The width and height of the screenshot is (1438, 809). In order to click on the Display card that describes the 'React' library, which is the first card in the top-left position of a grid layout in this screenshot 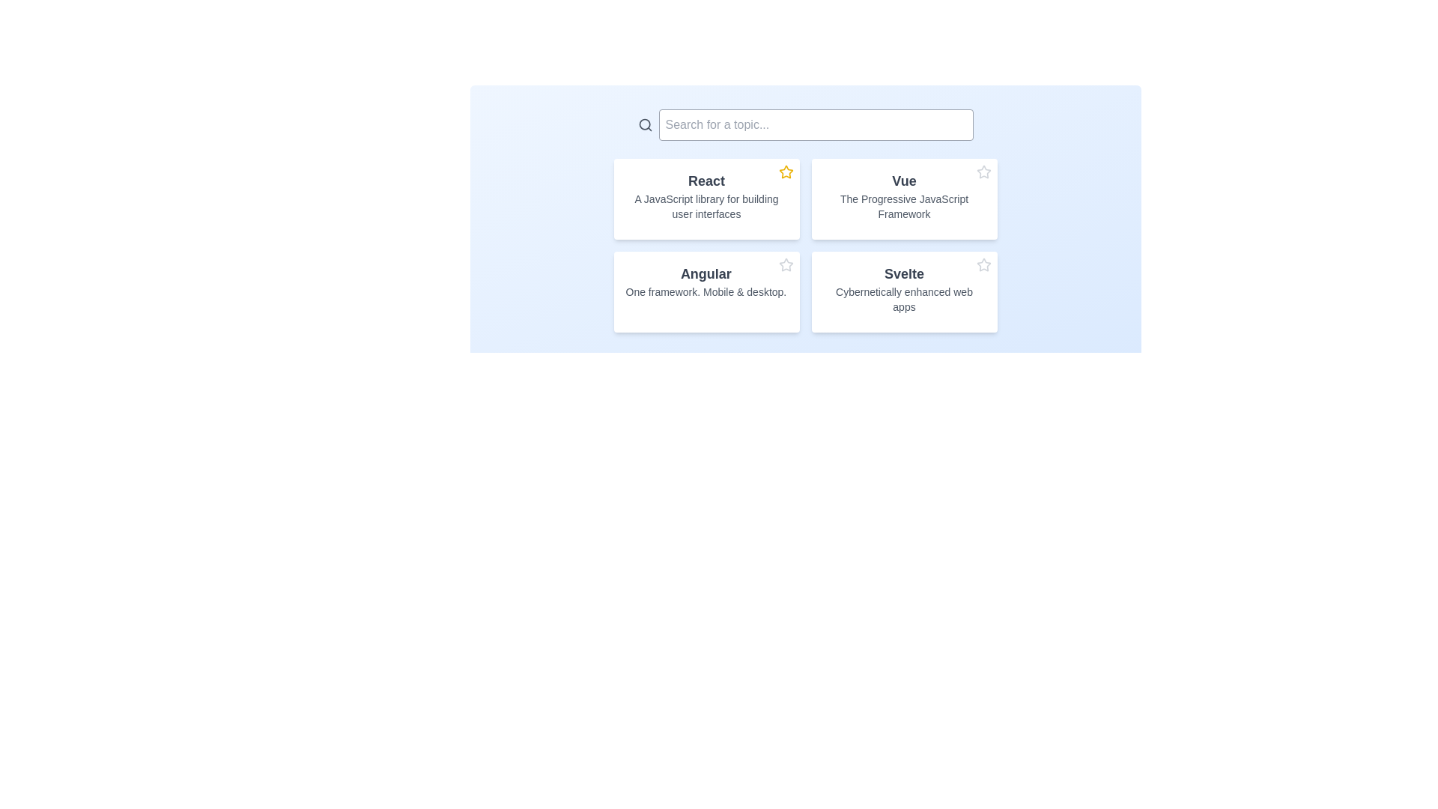, I will do `click(706, 196)`.